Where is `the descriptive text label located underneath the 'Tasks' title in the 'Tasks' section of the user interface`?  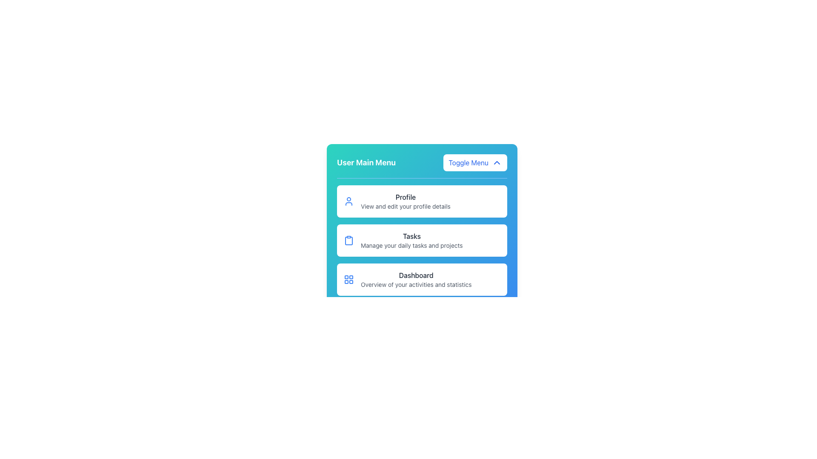
the descriptive text label located underneath the 'Tasks' title in the 'Tasks' section of the user interface is located at coordinates (411, 246).